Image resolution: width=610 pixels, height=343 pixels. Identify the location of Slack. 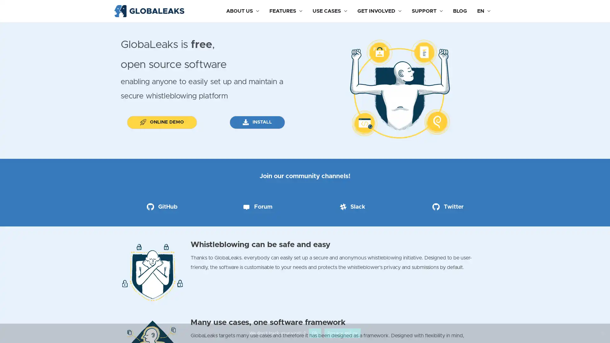
(352, 207).